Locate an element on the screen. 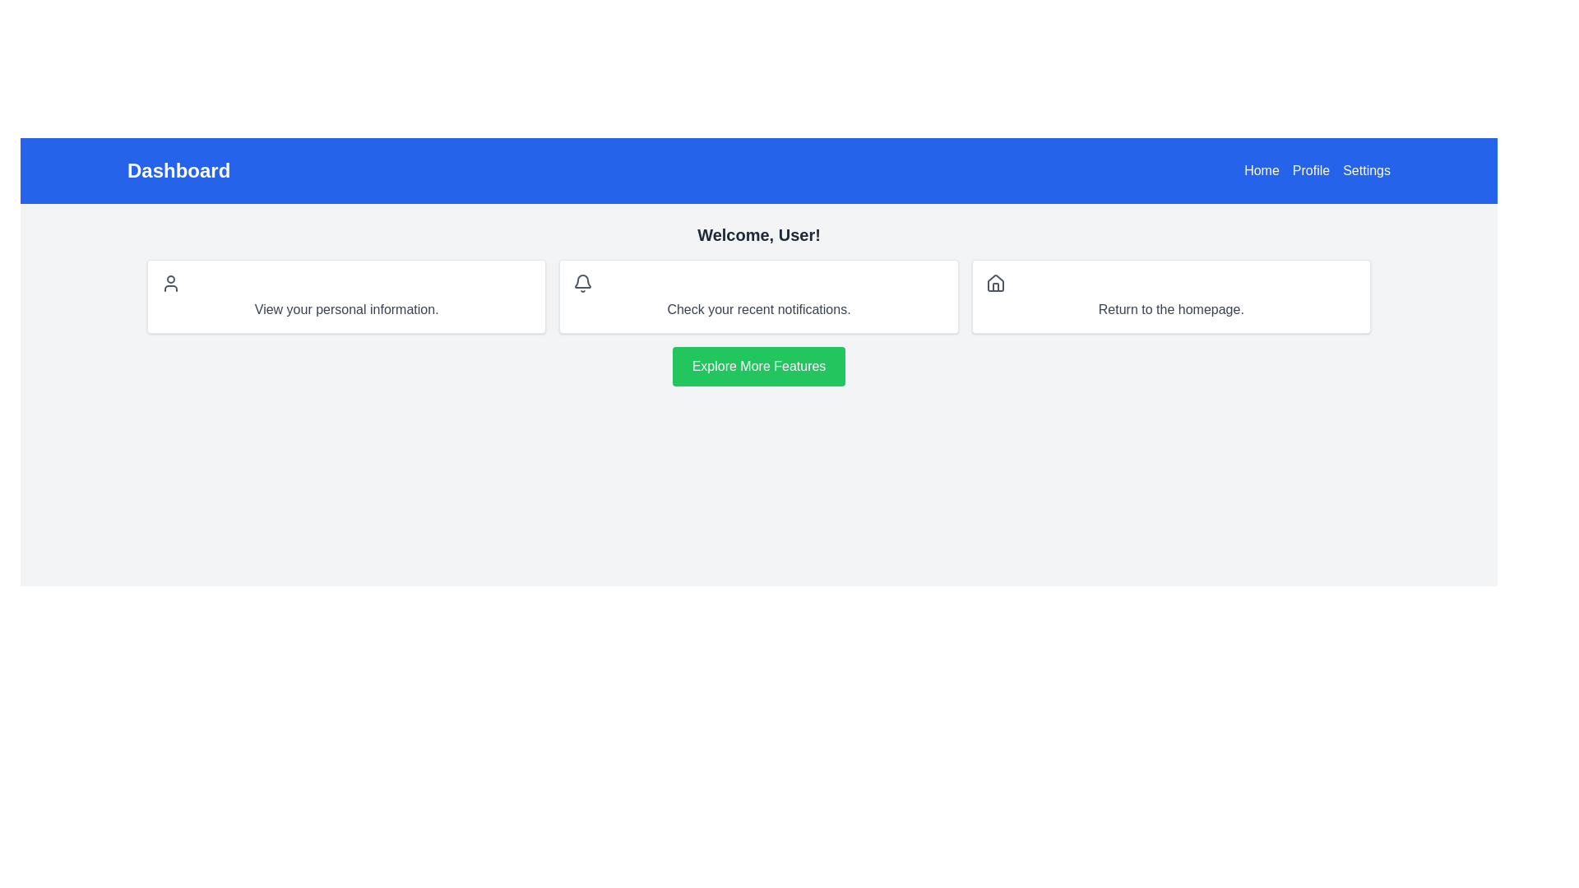  the static text display that shows 'Welcome, User!' located beneath the blue header titled 'Dashboard' at the top-center of the interface is located at coordinates (757, 234).